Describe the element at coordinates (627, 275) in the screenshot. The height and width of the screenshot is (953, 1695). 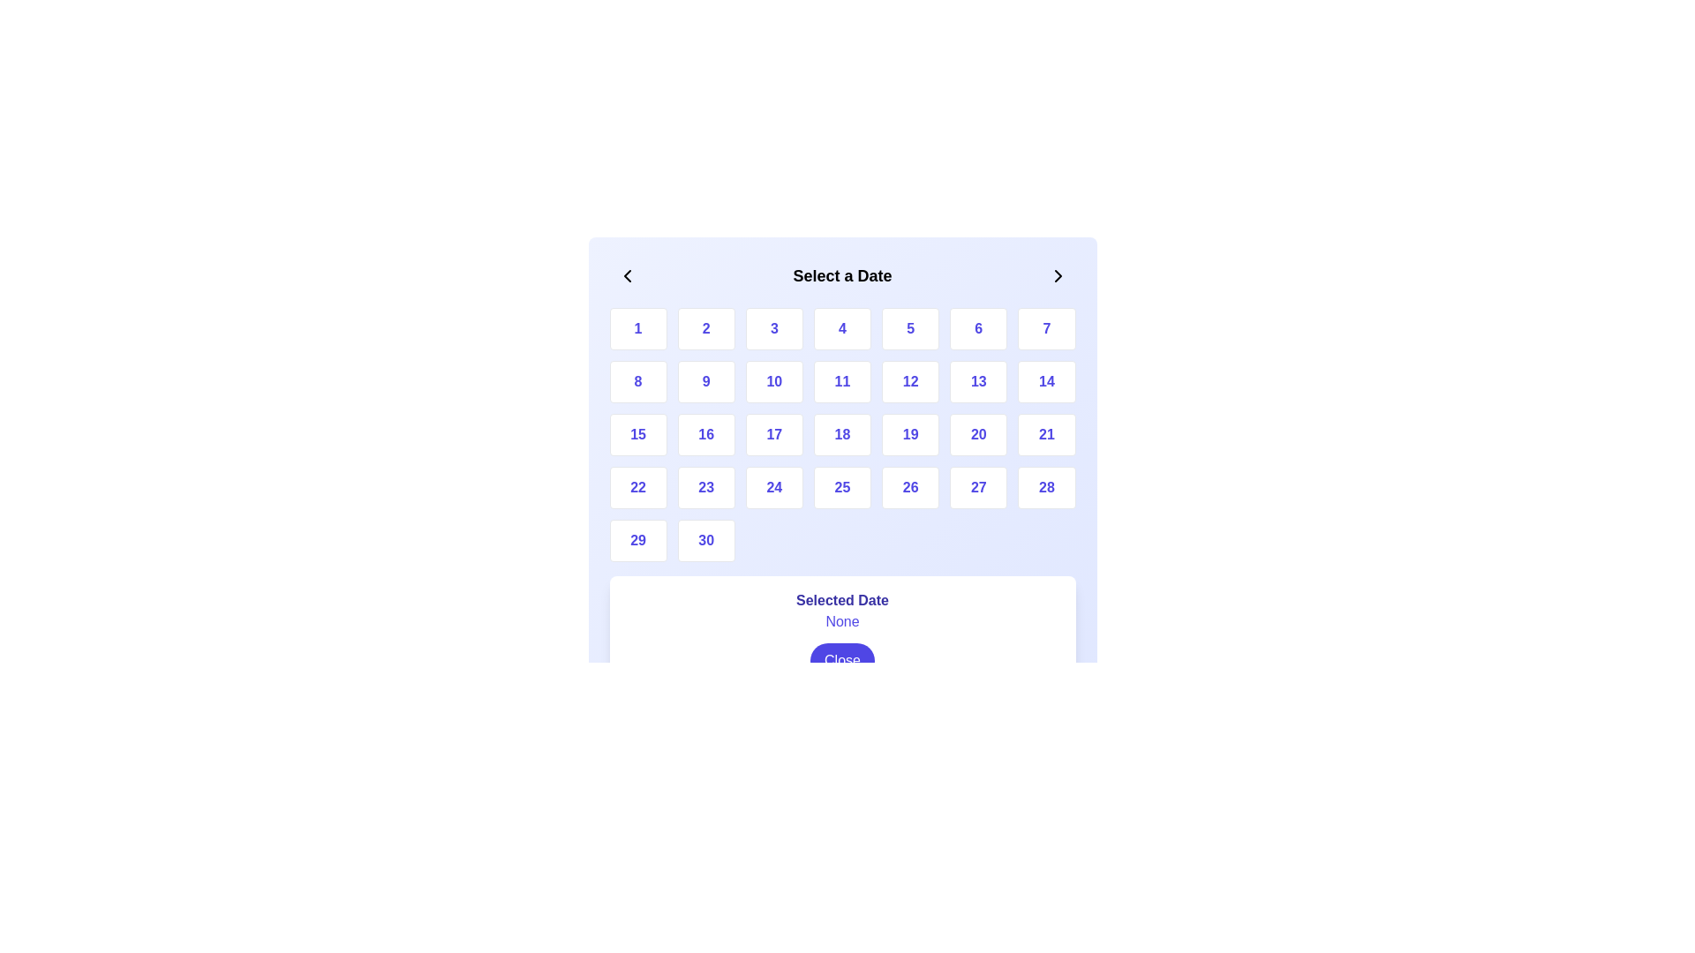
I see `the left-pointing chevron icon button located at the top-left corner of the date selection interface` at that location.